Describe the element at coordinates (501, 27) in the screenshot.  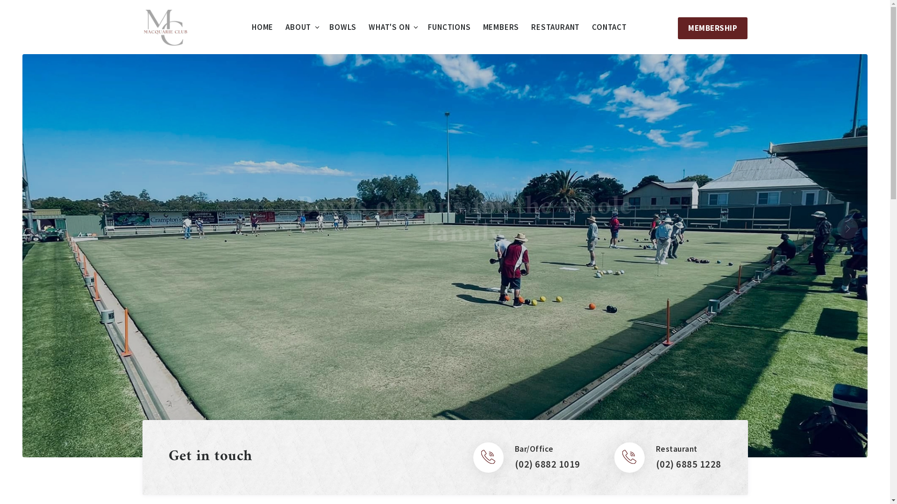
I see `'MEMBERS'` at that location.